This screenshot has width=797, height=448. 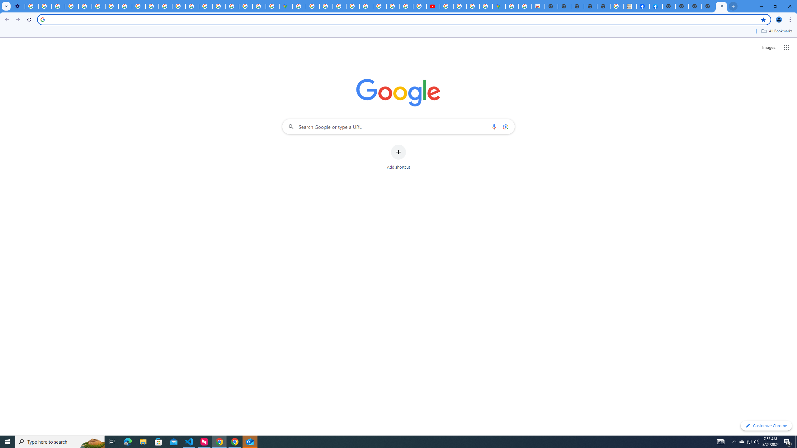 What do you see at coordinates (18, 6) in the screenshot?
I see `'Settings - Customize profile'` at bounding box center [18, 6].